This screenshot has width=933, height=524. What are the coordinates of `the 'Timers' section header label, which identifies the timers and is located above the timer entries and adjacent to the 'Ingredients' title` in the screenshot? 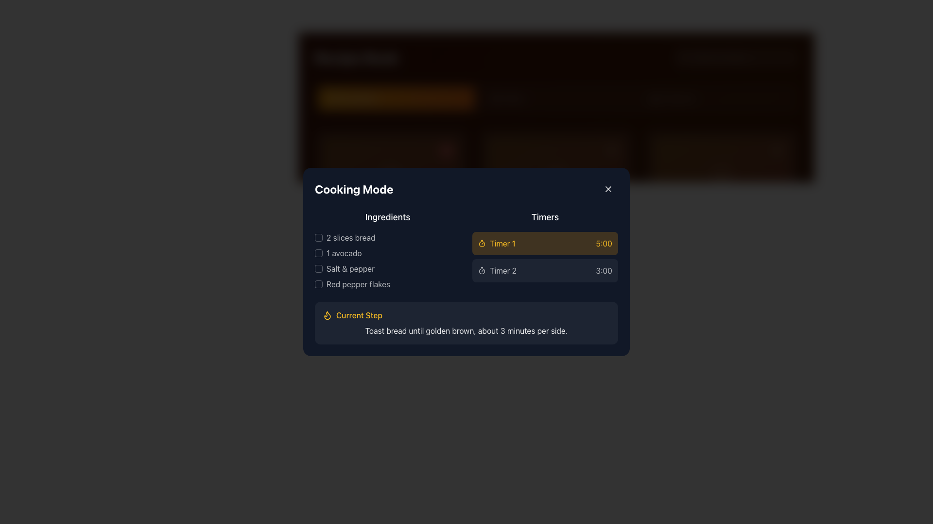 It's located at (556, 229).